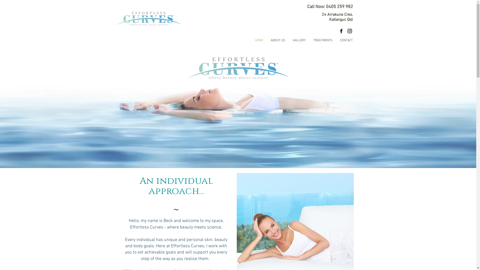 Image resolution: width=480 pixels, height=270 pixels. Describe the element at coordinates (259, 40) in the screenshot. I see `'HOME'` at that location.